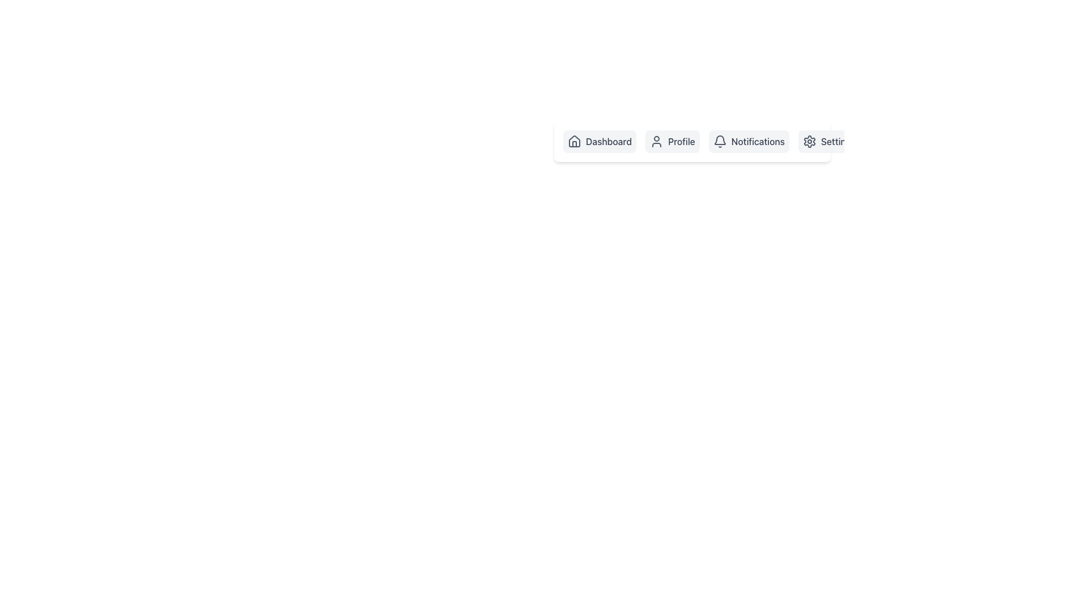  What do you see at coordinates (681, 141) in the screenshot?
I see `the profile link text label located in the horizontal navigation bar, positioned to the right of the 'Dashboard' button and left of 'Notifications'` at bounding box center [681, 141].